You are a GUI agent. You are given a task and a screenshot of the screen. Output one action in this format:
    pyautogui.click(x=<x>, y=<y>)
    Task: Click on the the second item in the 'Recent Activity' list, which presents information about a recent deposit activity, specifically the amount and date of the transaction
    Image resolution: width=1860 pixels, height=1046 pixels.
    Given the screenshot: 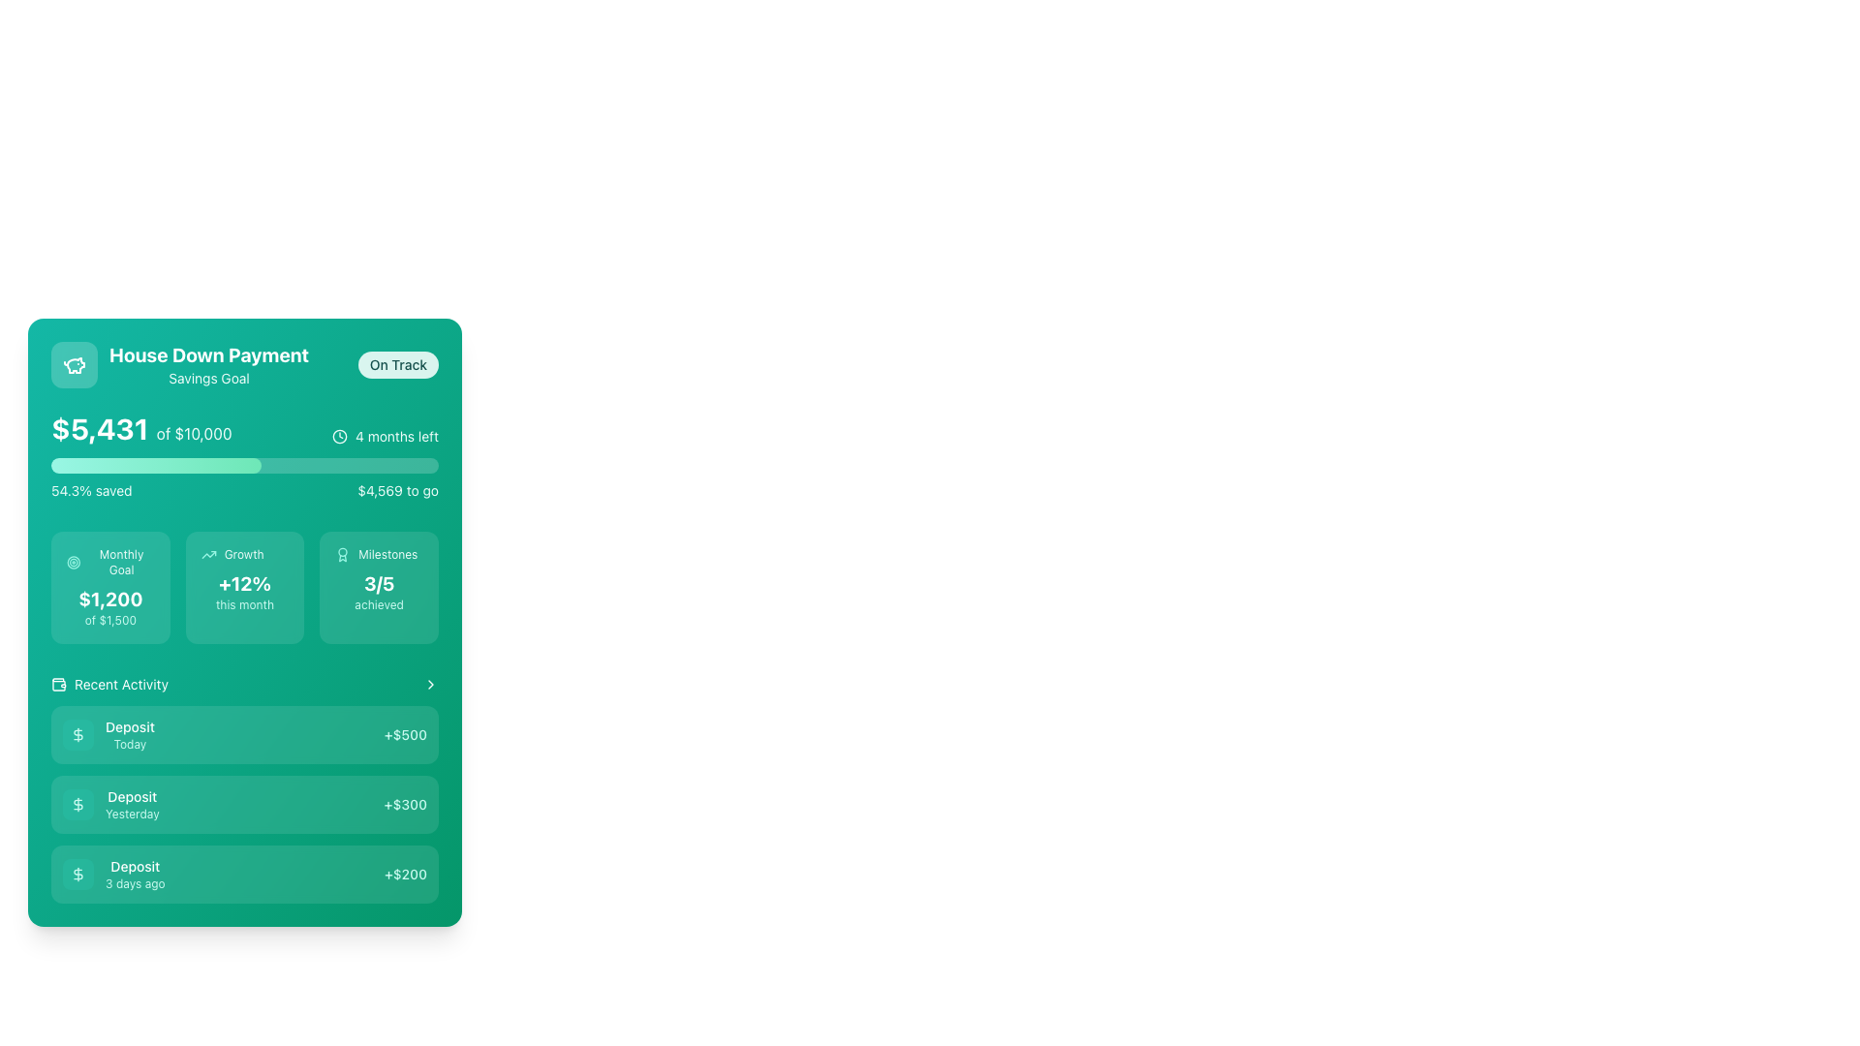 What is the action you would take?
    pyautogui.click(x=244, y=788)
    